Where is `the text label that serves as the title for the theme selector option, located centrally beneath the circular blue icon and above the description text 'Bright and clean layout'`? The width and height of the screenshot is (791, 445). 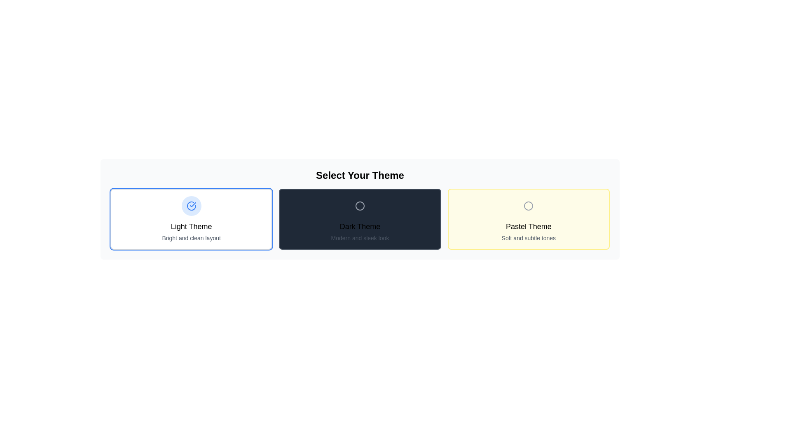
the text label that serves as the title for the theme selector option, located centrally beneath the circular blue icon and above the description text 'Bright and clean layout' is located at coordinates (191, 227).